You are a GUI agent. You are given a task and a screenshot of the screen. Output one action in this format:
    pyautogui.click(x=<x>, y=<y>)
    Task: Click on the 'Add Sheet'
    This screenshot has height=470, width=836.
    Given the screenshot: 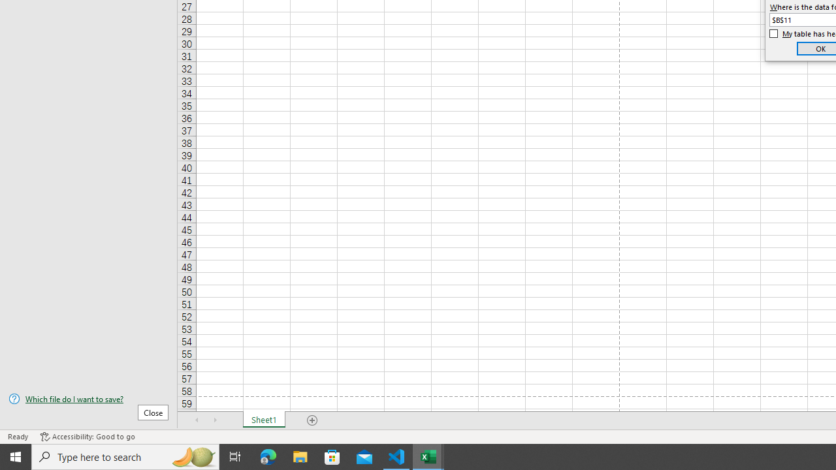 What is the action you would take?
    pyautogui.click(x=312, y=420)
    